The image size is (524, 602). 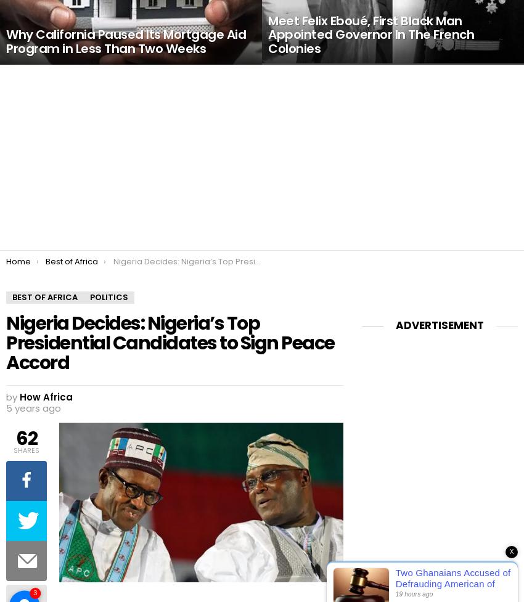 I want to click on '5 years ago', so click(x=33, y=408).